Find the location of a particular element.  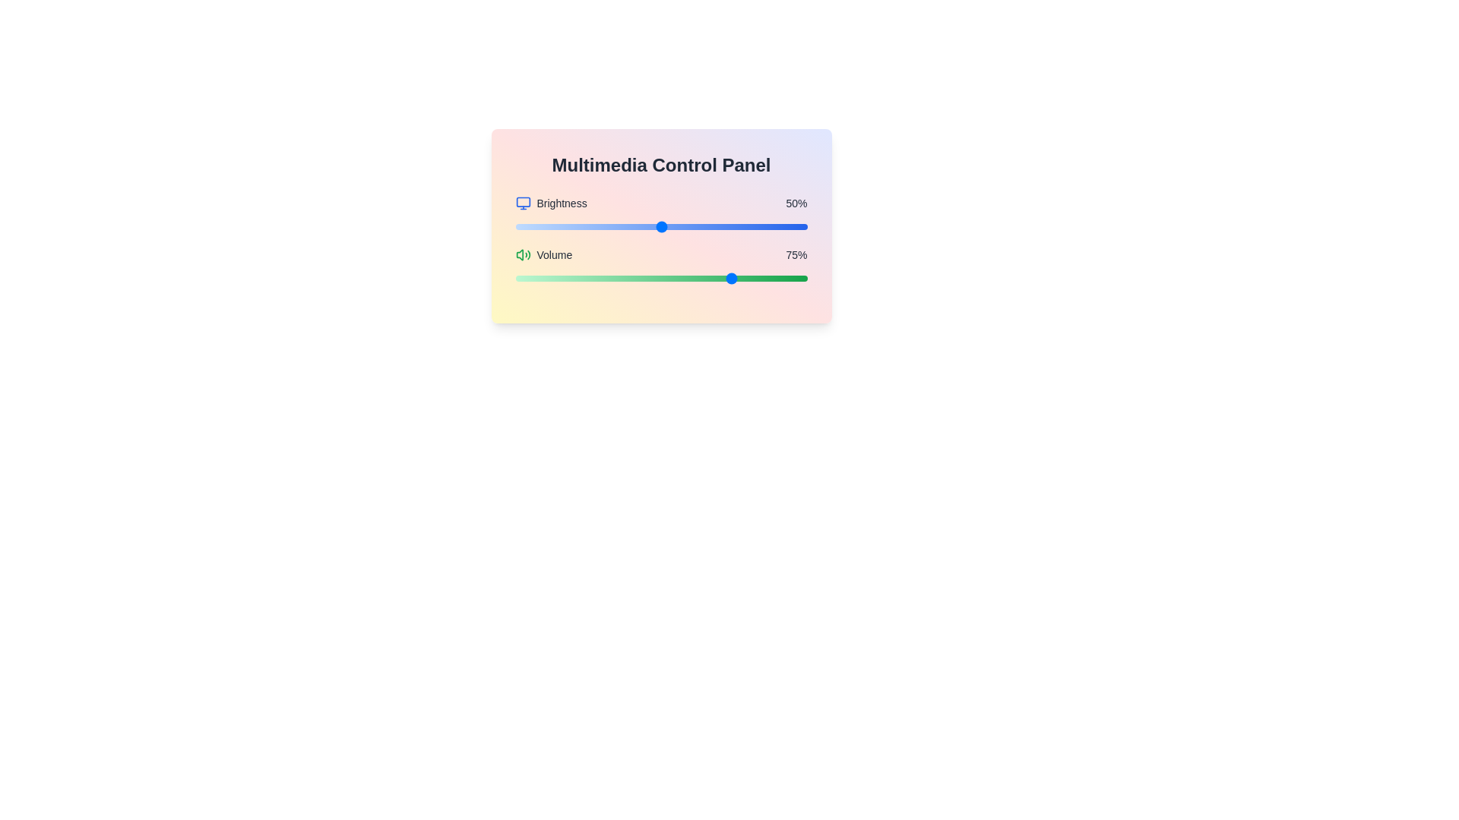

the brightness slider to set the brightness to 57% is located at coordinates (681, 227).